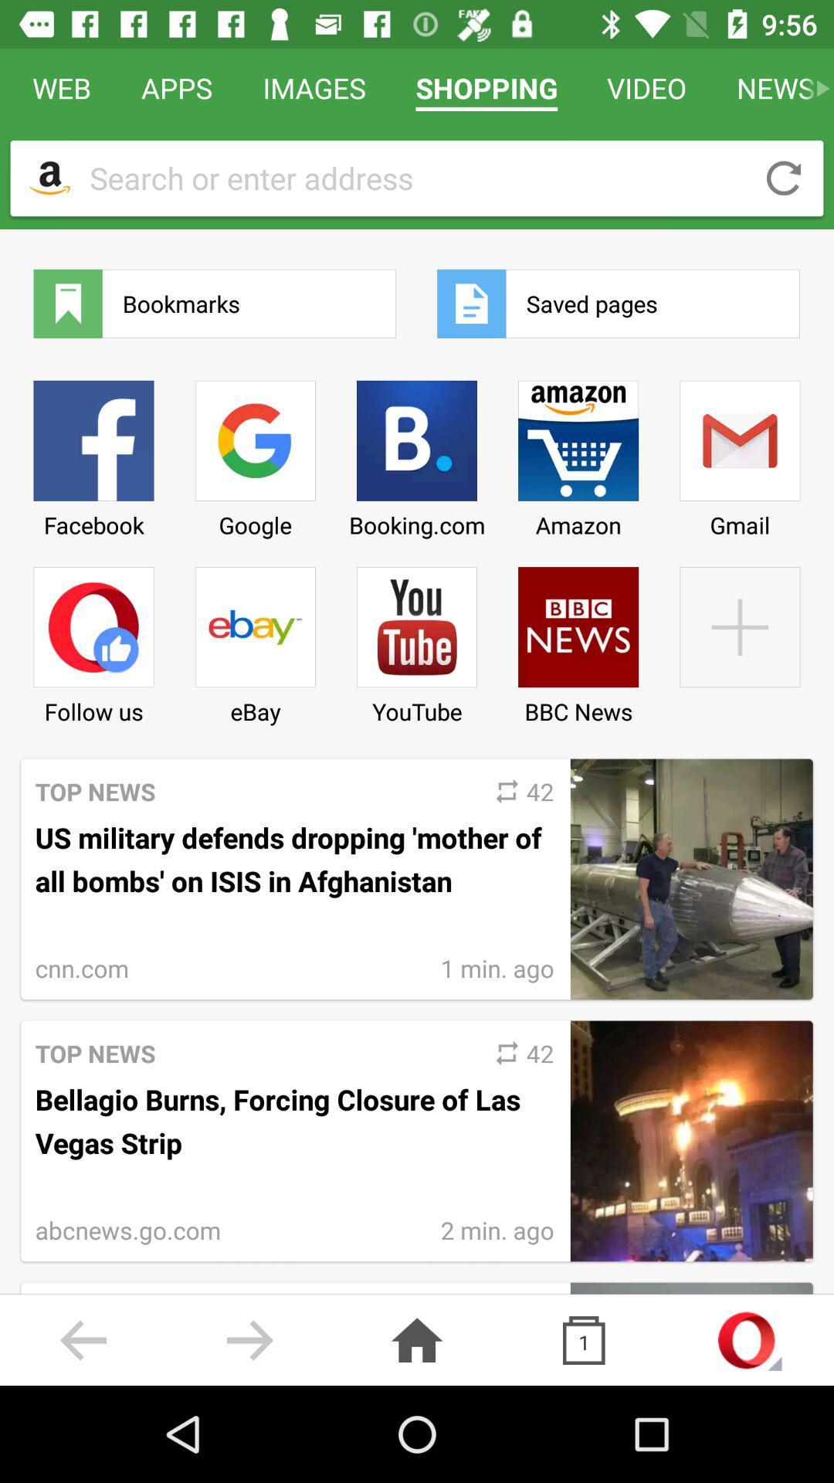 This screenshot has width=834, height=1483. I want to click on the arrow_forward icon, so click(249, 1339).